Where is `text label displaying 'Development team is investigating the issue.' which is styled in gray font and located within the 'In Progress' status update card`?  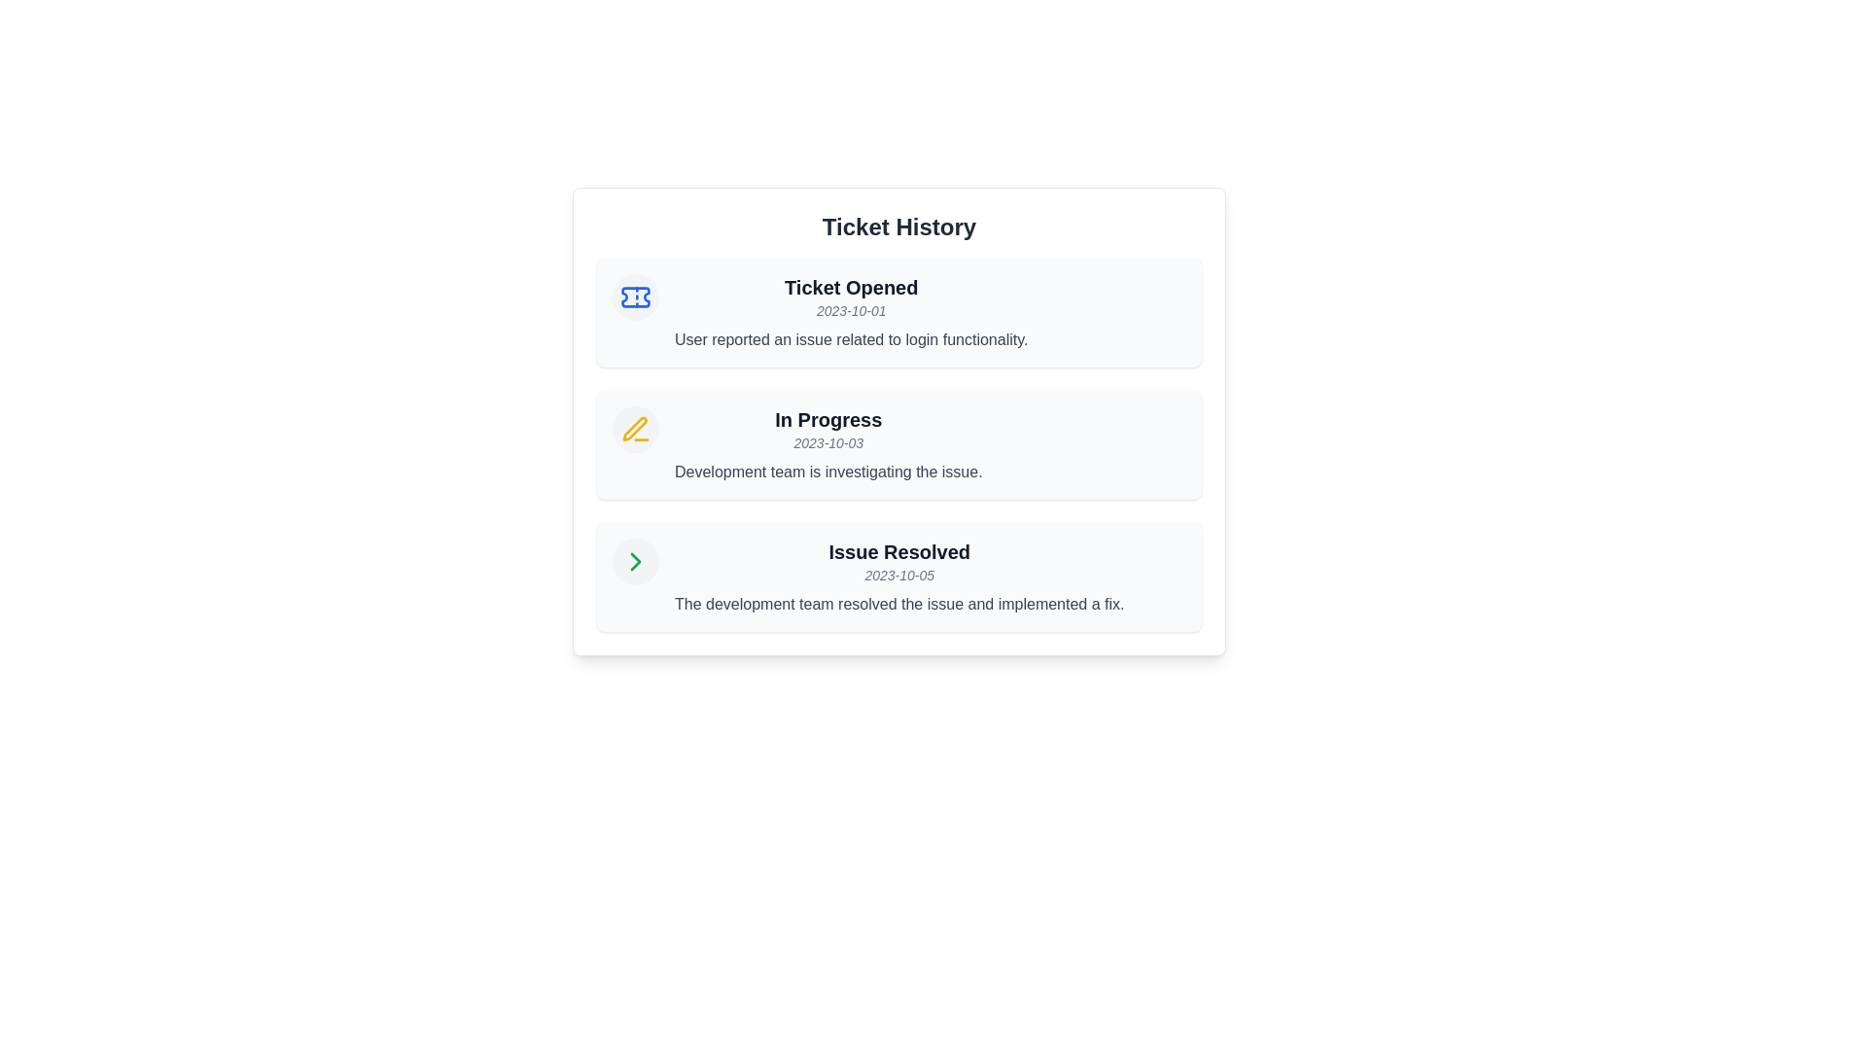
text label displaying 'Development team is investigating the issue.' which is styled in gray font and located within the 'In Progress' status update card is located at coordinates (828, 472).